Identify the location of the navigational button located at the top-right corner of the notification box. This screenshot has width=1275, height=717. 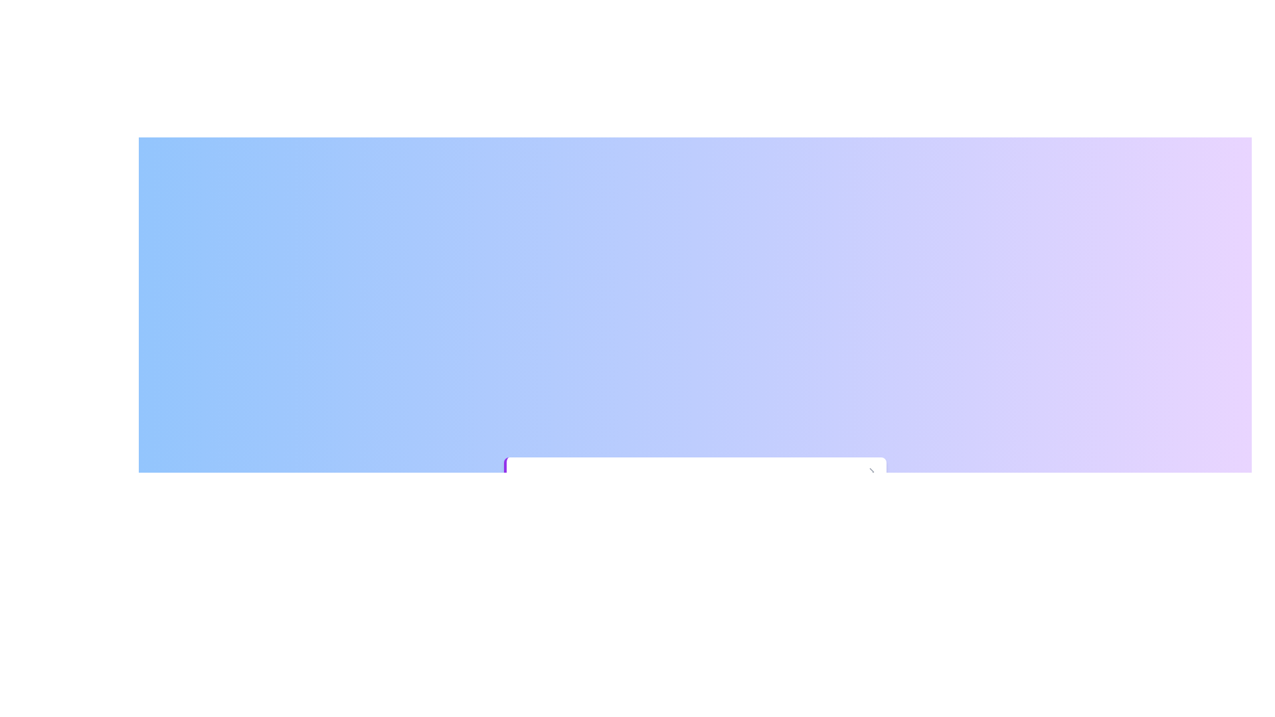
(872, 471).